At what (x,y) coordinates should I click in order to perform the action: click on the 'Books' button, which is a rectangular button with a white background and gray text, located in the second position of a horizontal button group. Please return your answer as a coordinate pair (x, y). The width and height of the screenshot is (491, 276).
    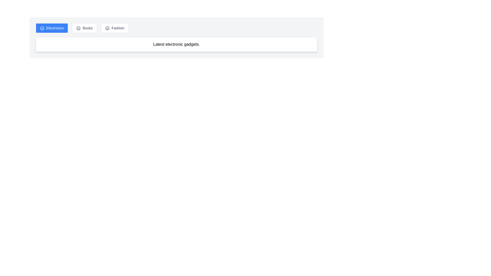
    Looking at the image, I should click on (85, 28).